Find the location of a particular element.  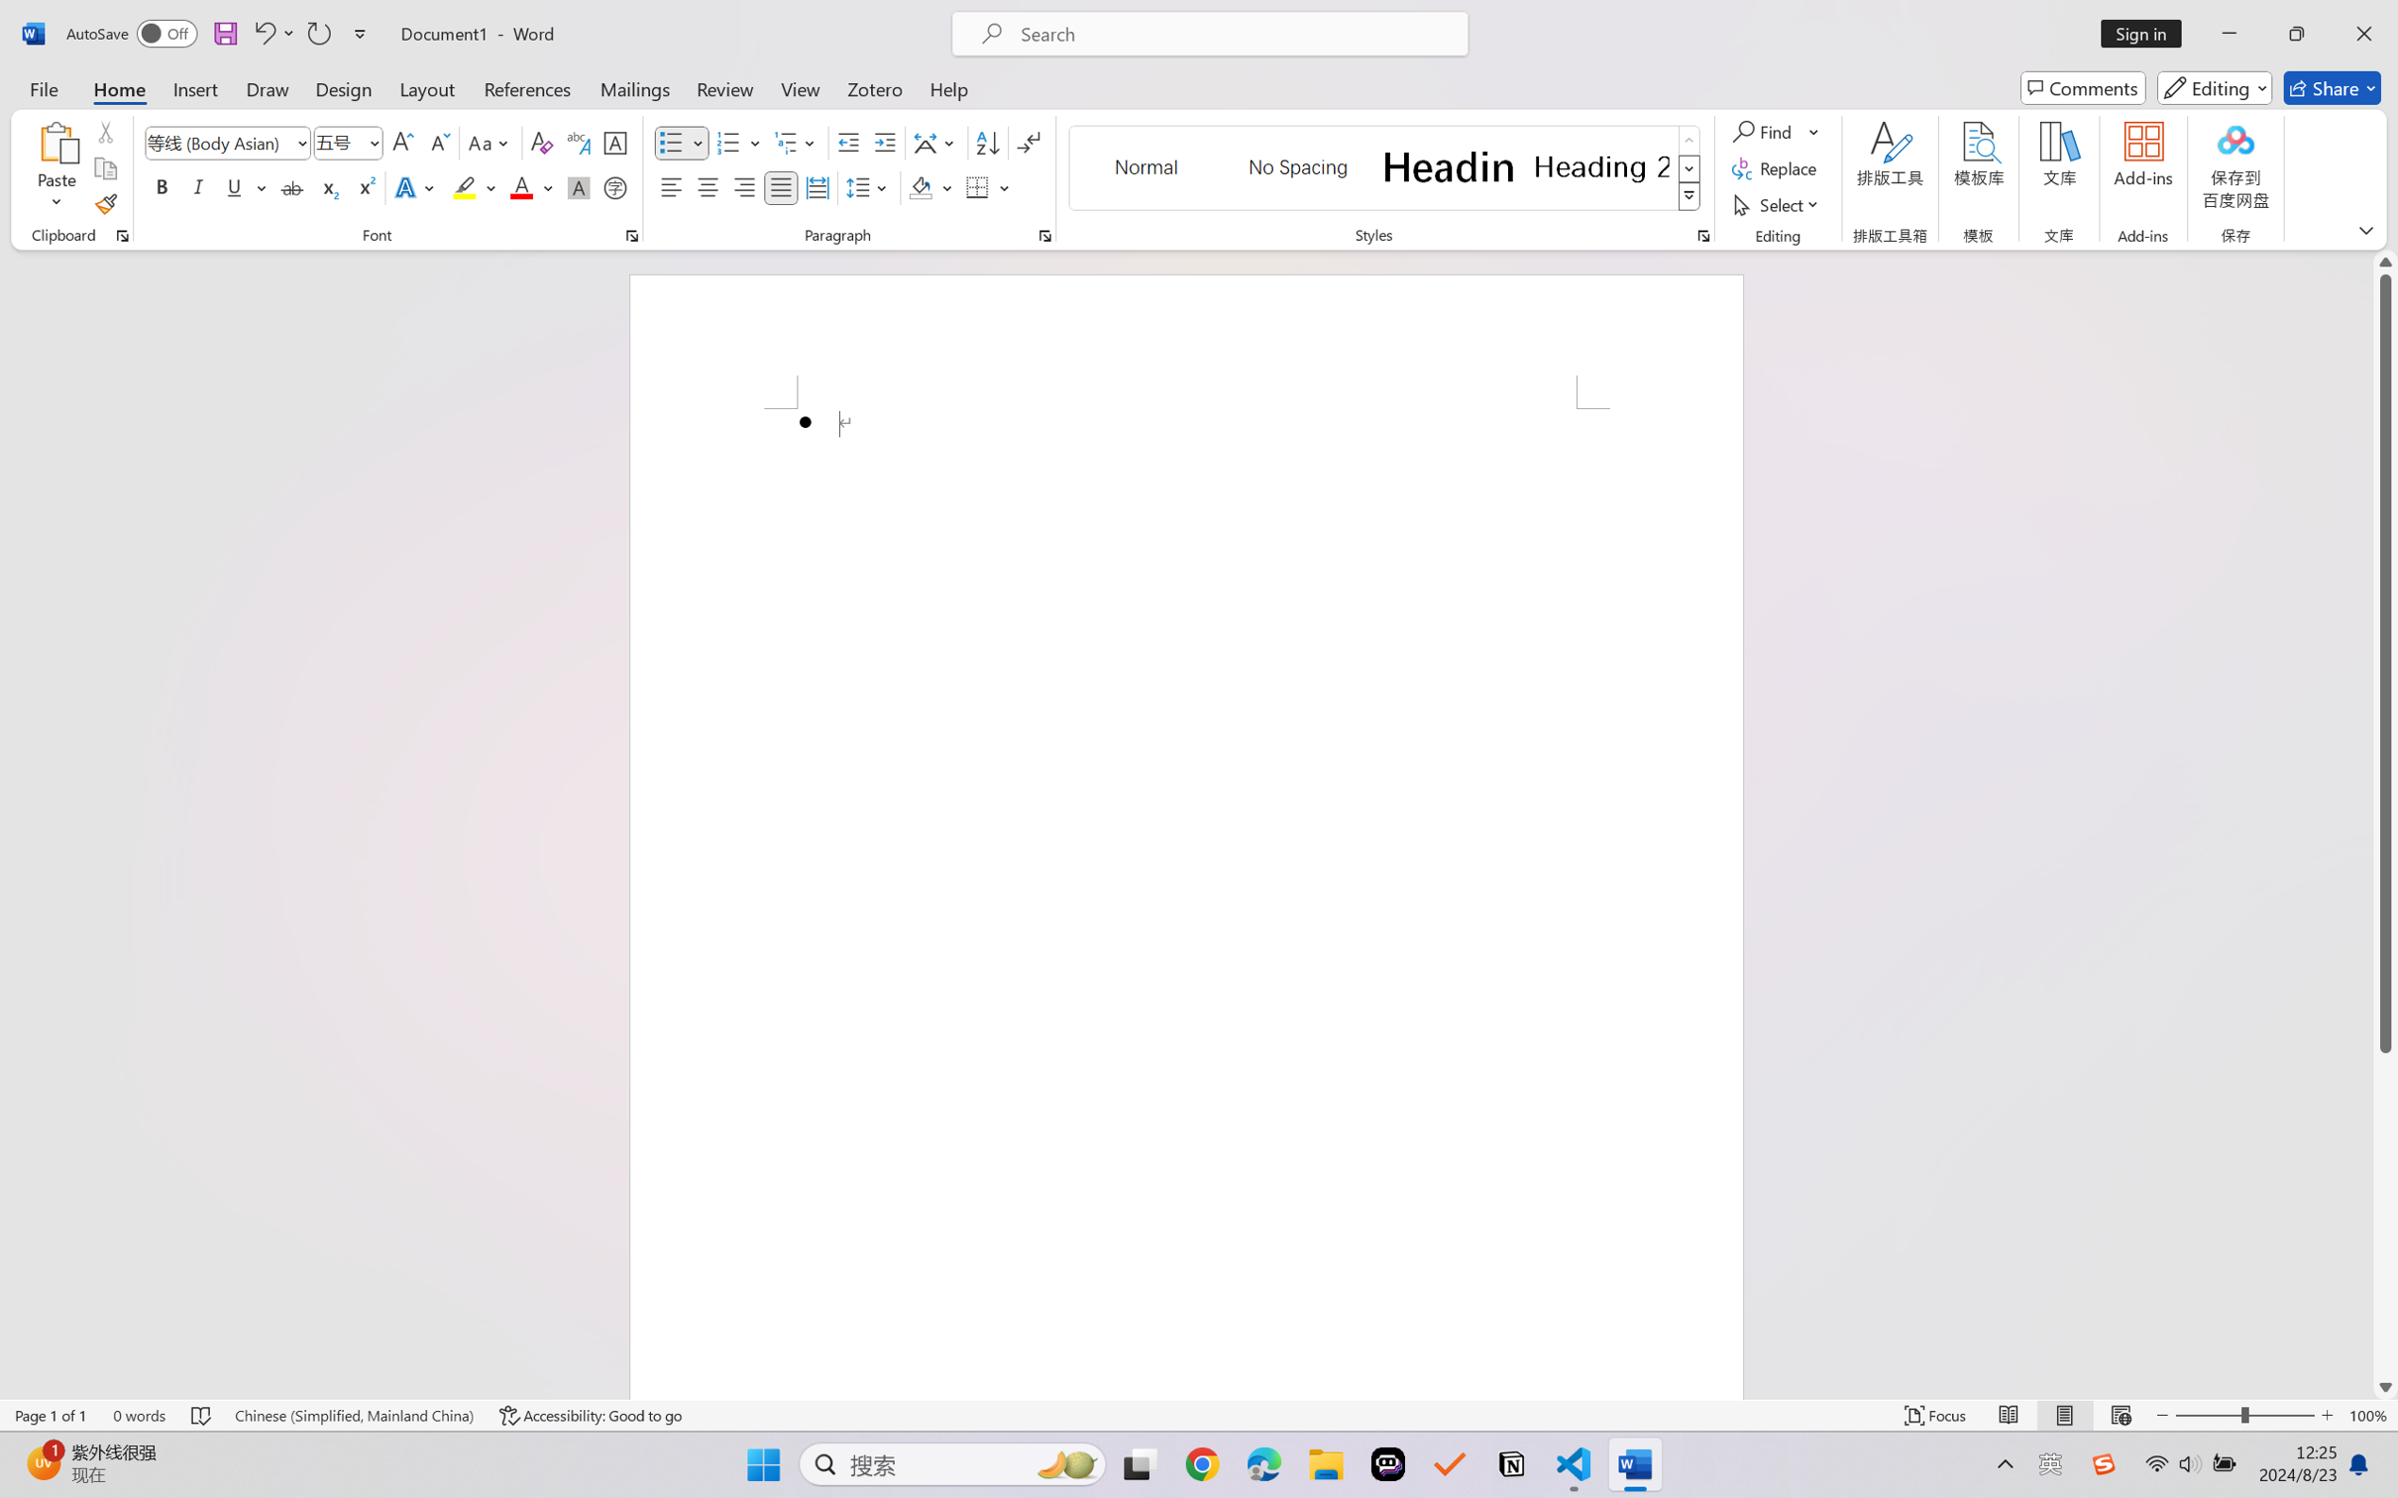

'Language Chinese (Simplified, Mainland China)' is located at coordinates (353, 1415).